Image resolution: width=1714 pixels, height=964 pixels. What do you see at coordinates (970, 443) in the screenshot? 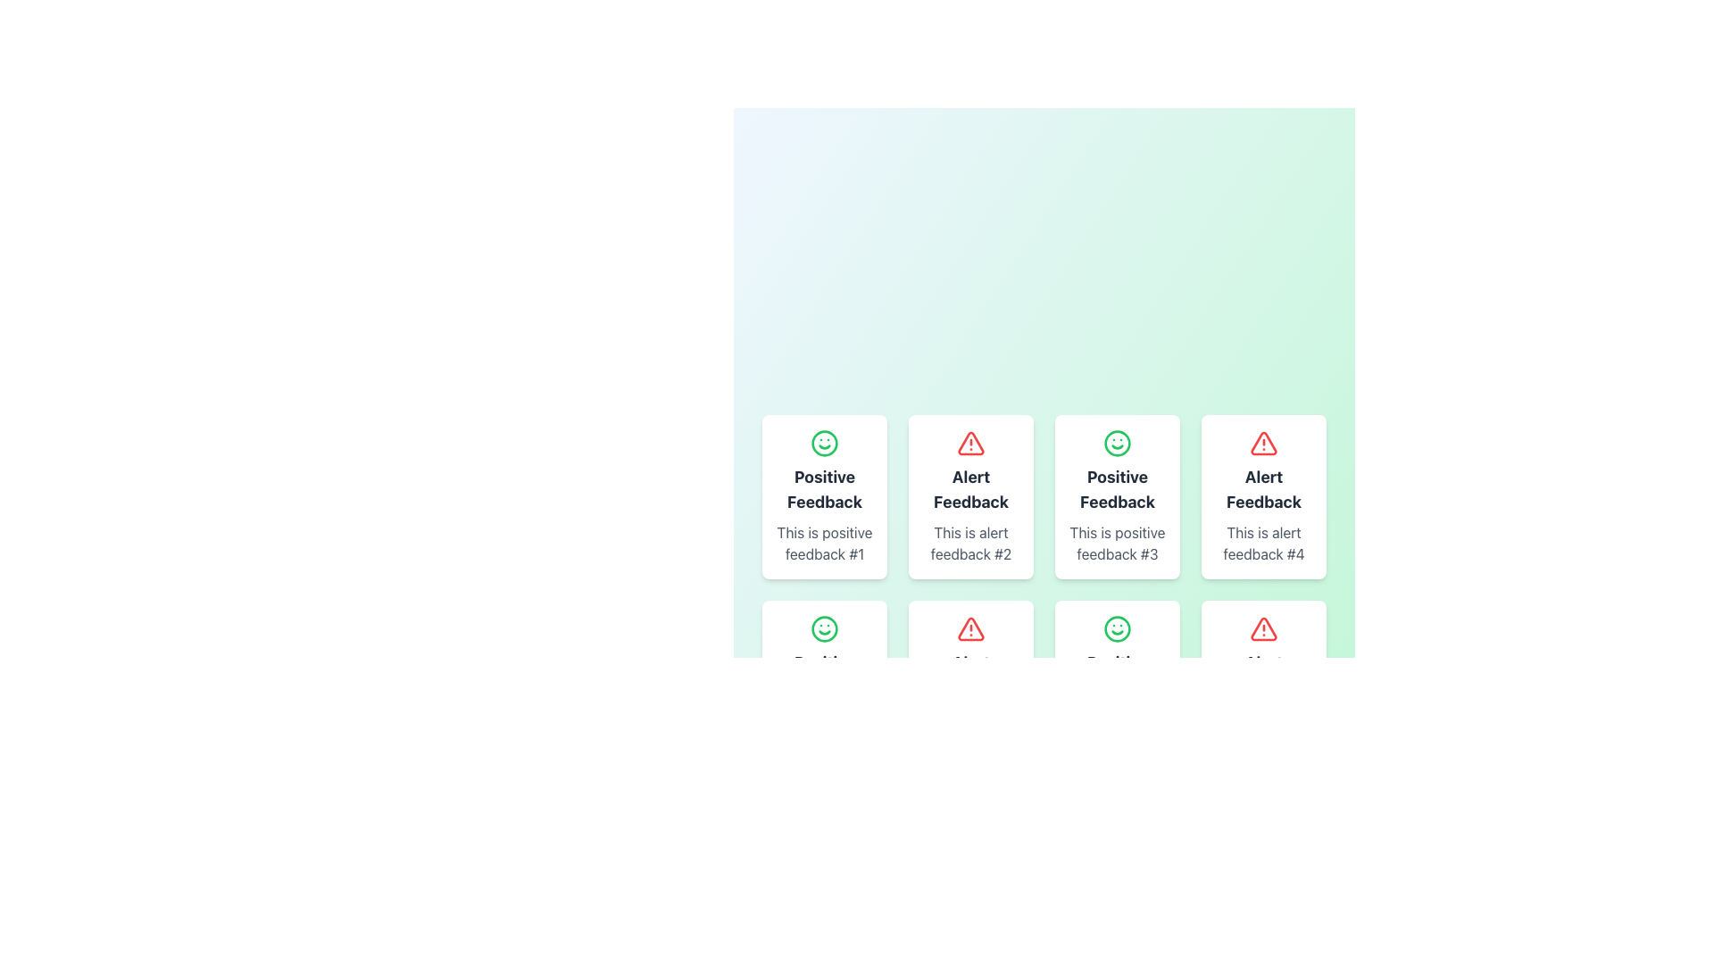
I see `the alert icon, which is a triangle with an exclamation mark, located at the top center of the 'Alert Feedback' content card` at bounding box center [970, 443].